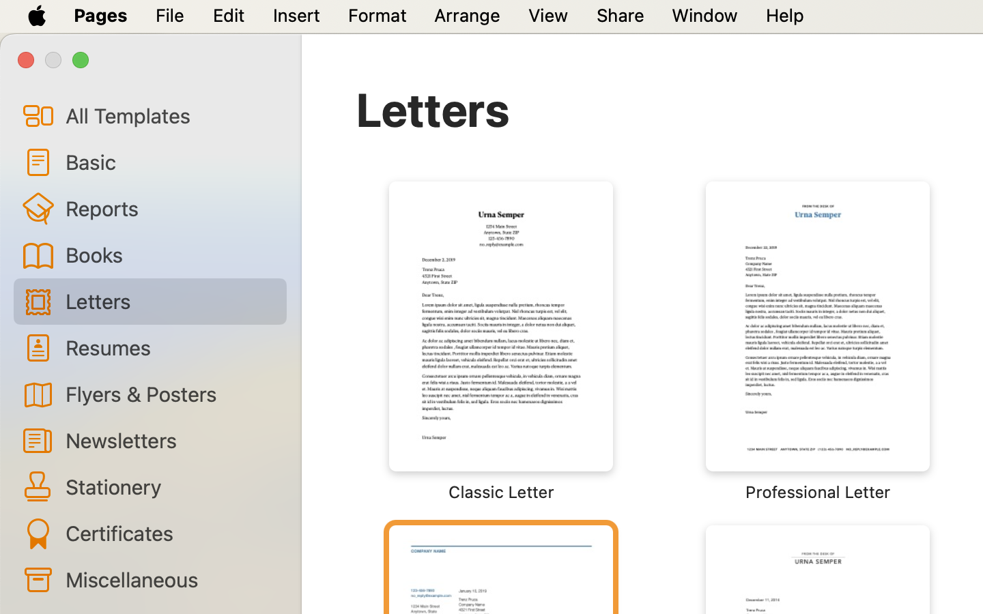  Describe the element at coordinates (169, 254) in the screenshot. I see `'Books'` at that location.